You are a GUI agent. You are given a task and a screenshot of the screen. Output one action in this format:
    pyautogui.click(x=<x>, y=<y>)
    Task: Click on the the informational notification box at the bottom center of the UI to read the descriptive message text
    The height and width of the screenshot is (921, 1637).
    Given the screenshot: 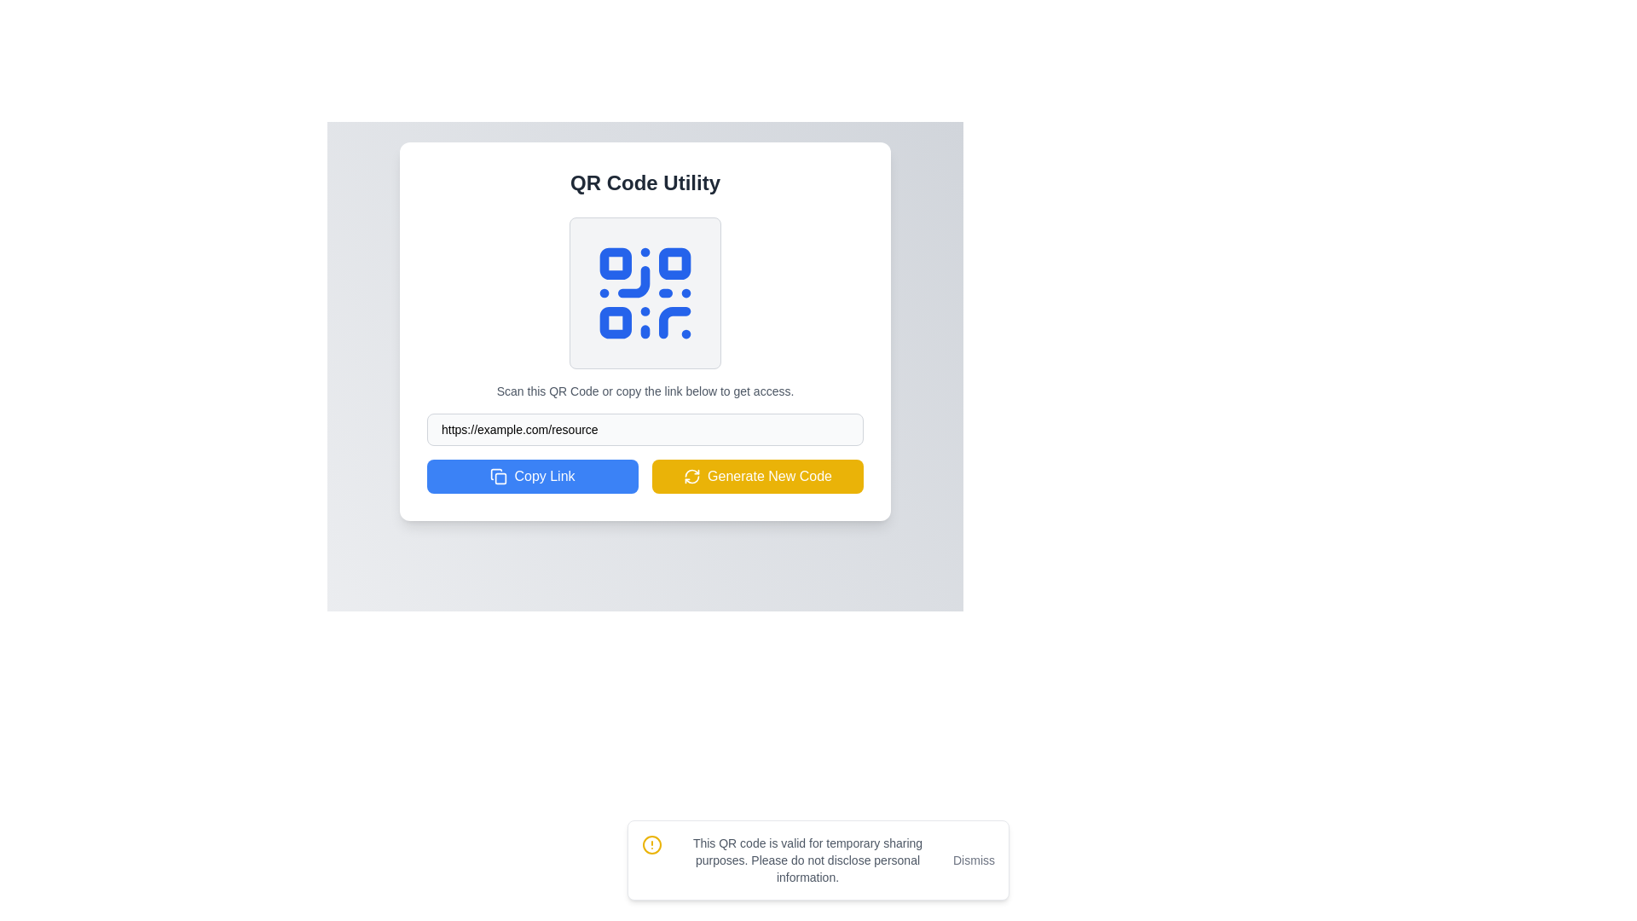 What is the action you would take?
    pyautogui.click(x=818, y=860)
    